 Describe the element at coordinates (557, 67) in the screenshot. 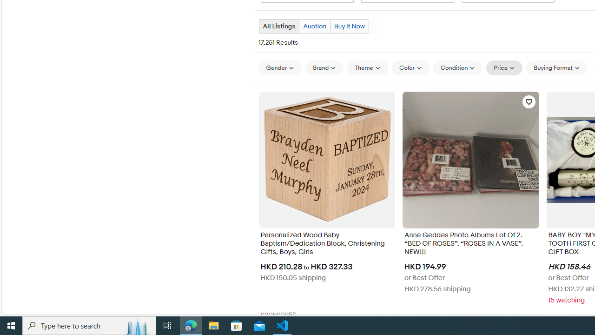

I see `'Buying Format'` at that location.